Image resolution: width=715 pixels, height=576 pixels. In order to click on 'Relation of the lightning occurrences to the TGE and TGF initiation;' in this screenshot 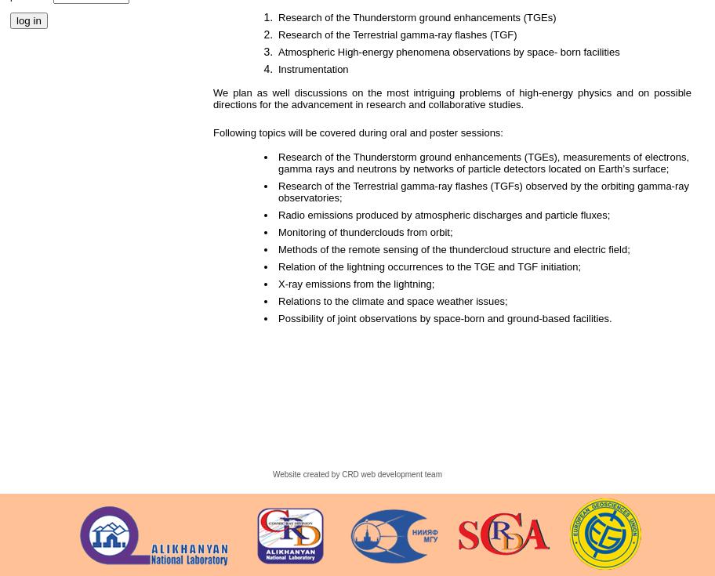, I will do `click(434, 266)`.